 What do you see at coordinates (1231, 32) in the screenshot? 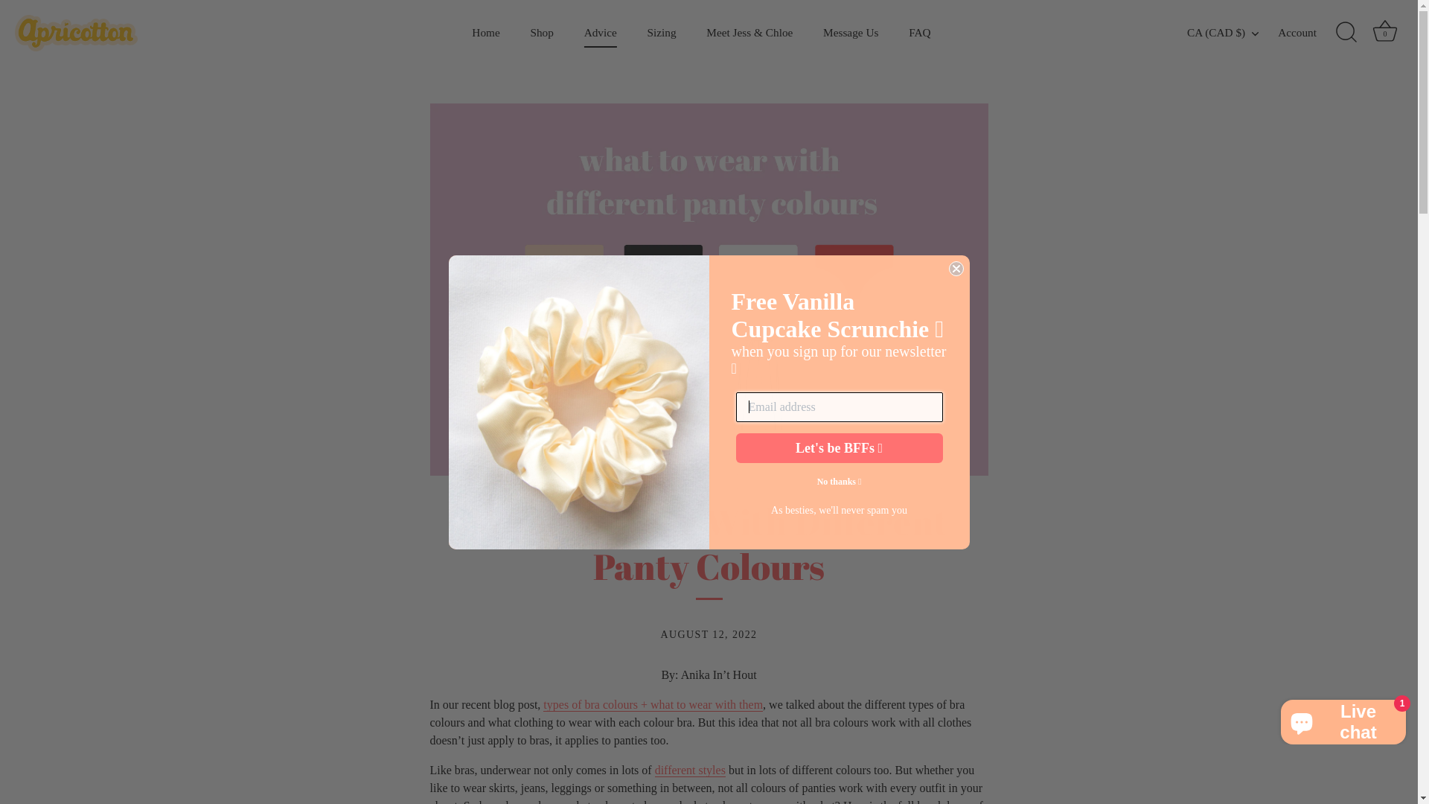
I see `'CA (CAD $)'` at bounding box center [1231, 32].